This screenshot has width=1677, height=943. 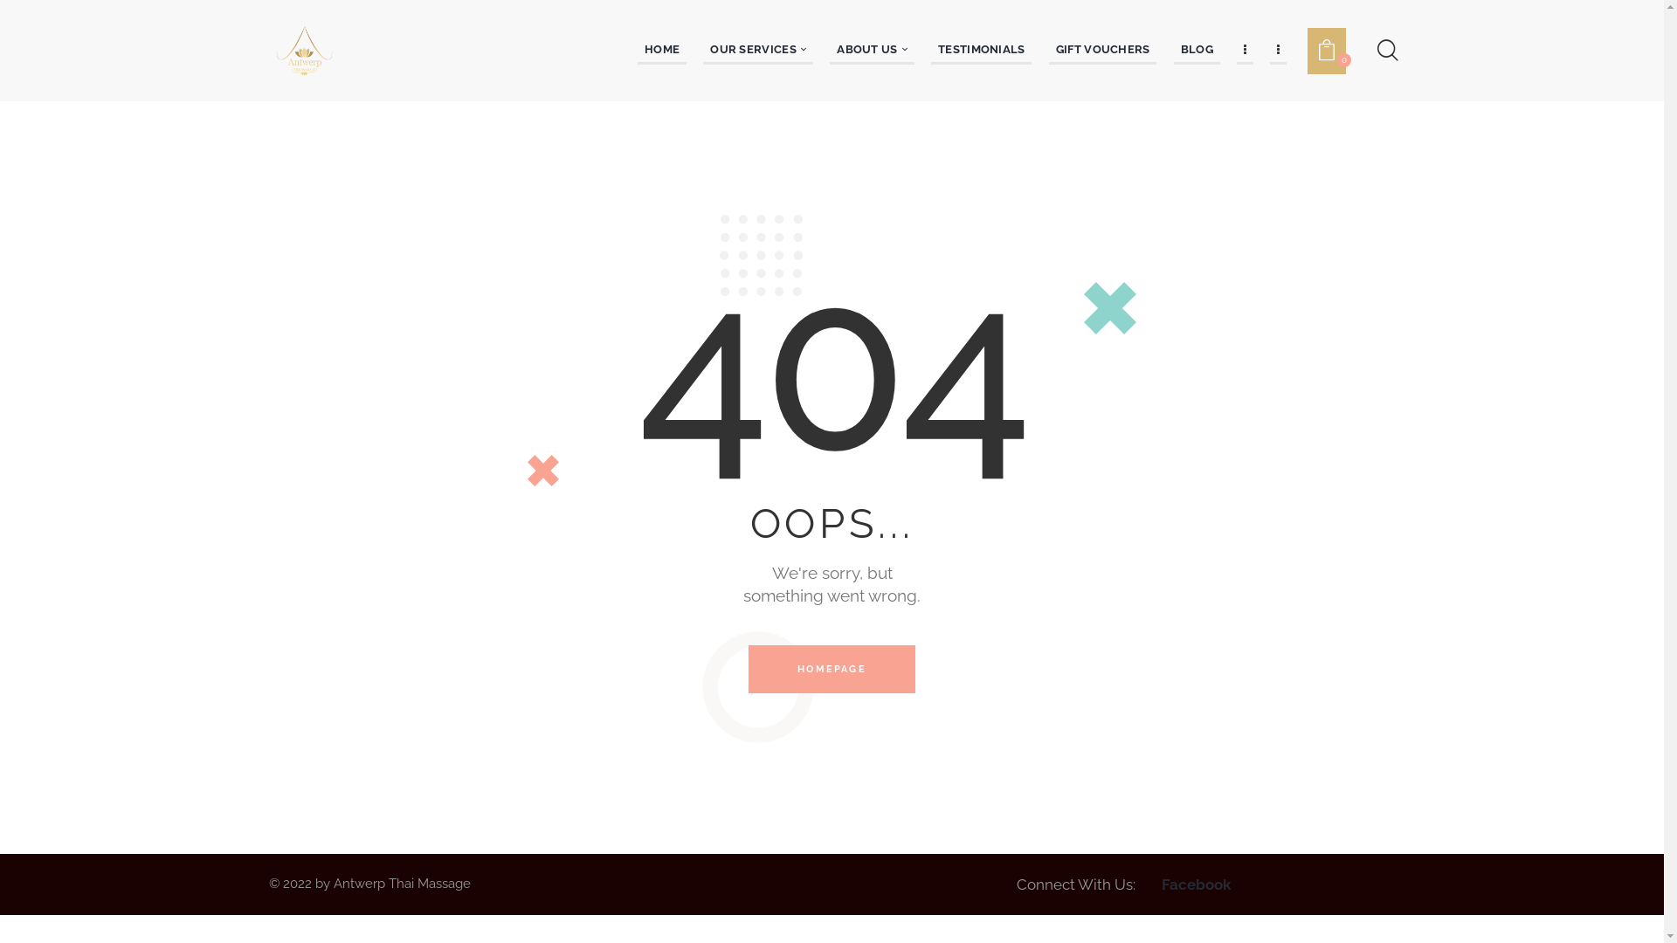 What do you see at coordinates (1195, 884) in the screenshot?
I see `'Facebook'` at bounding box center [1195, 884].